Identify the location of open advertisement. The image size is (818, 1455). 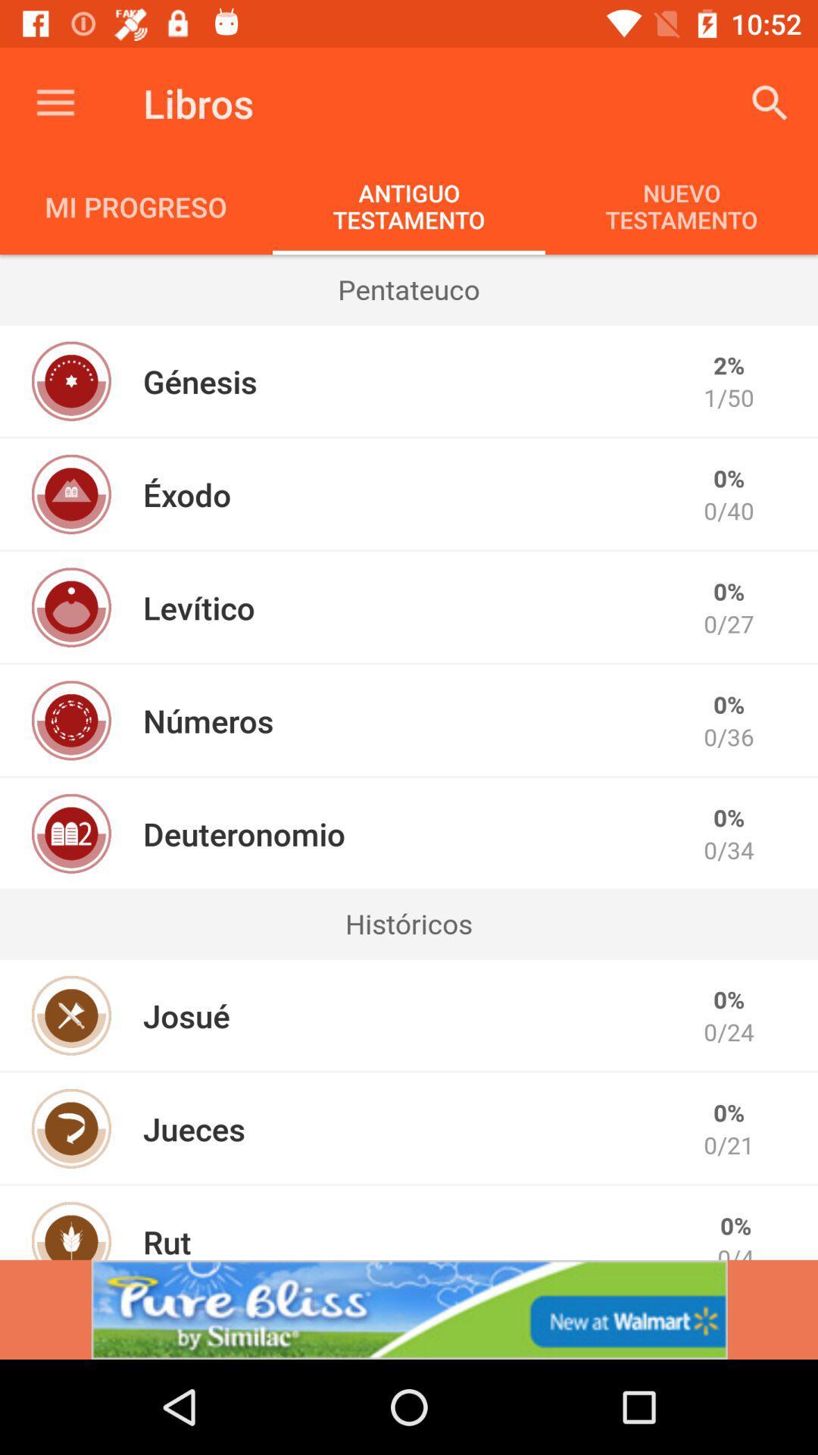
(409, 1309).